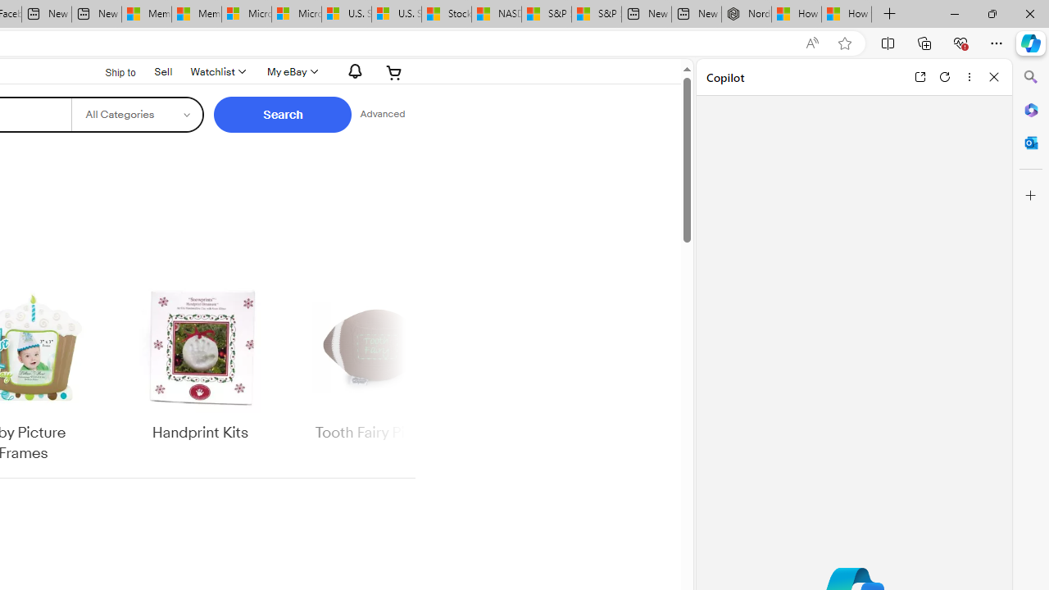 This screenshot has height=590, width=1049. What do you see at coordinates (291, 71) in the screenshot?
I see `'My eBayExpand My eBay'` at bounding box center [291, 71].